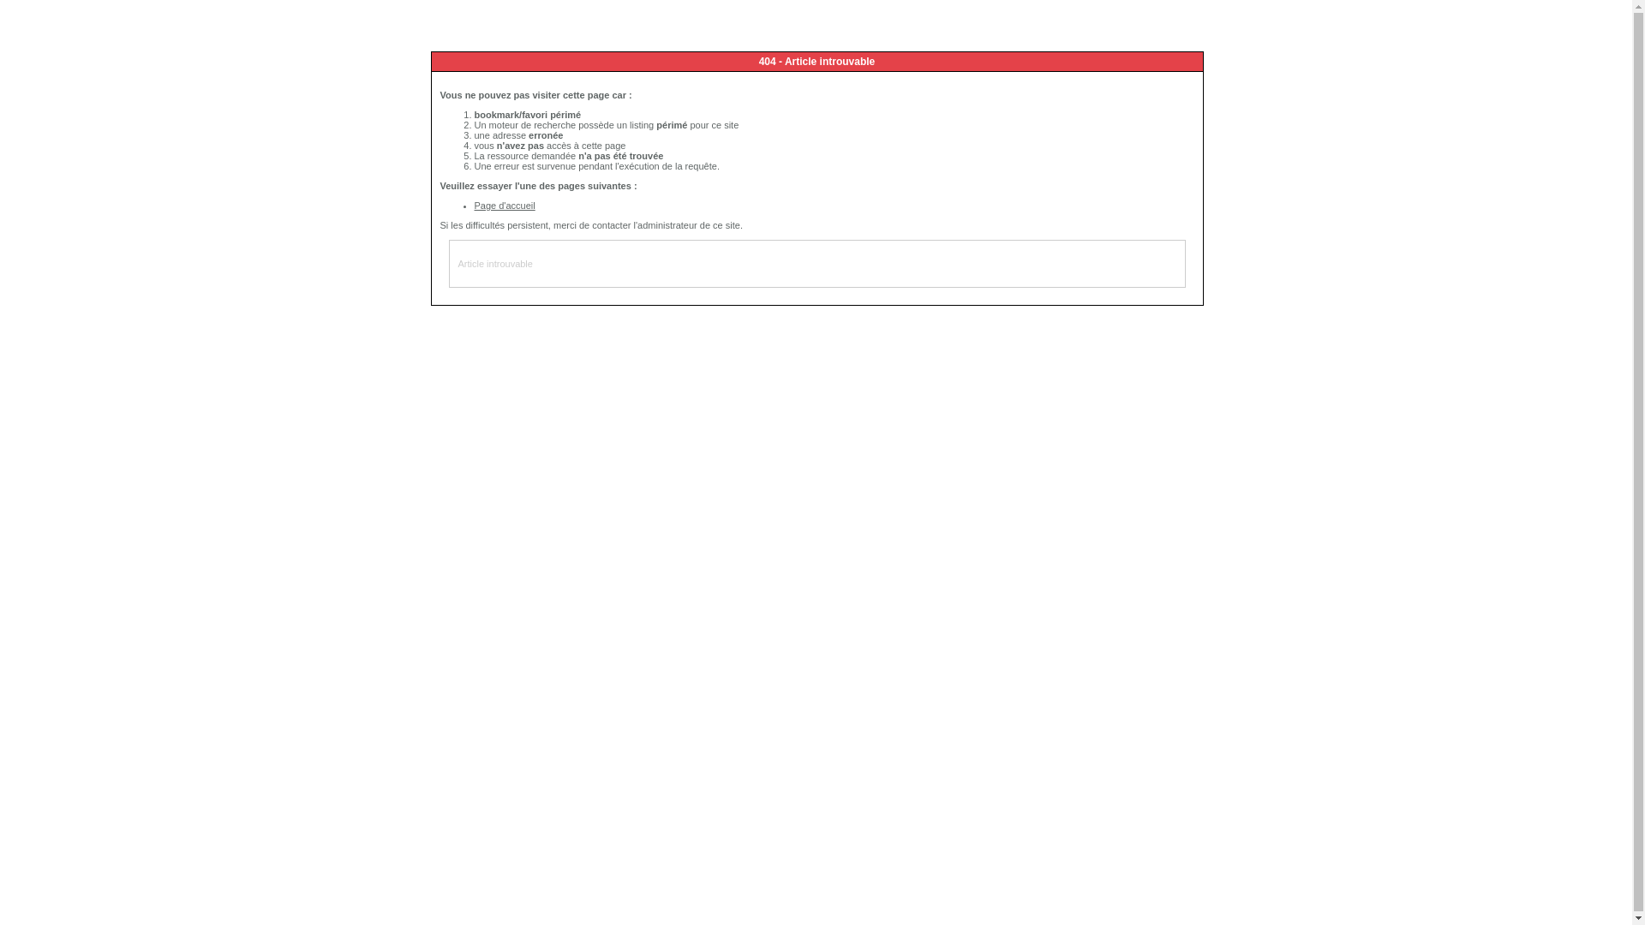  Describe the element at coordinates (504, 204) in the screenshot. I see `'Page d'accueil'` at that location.